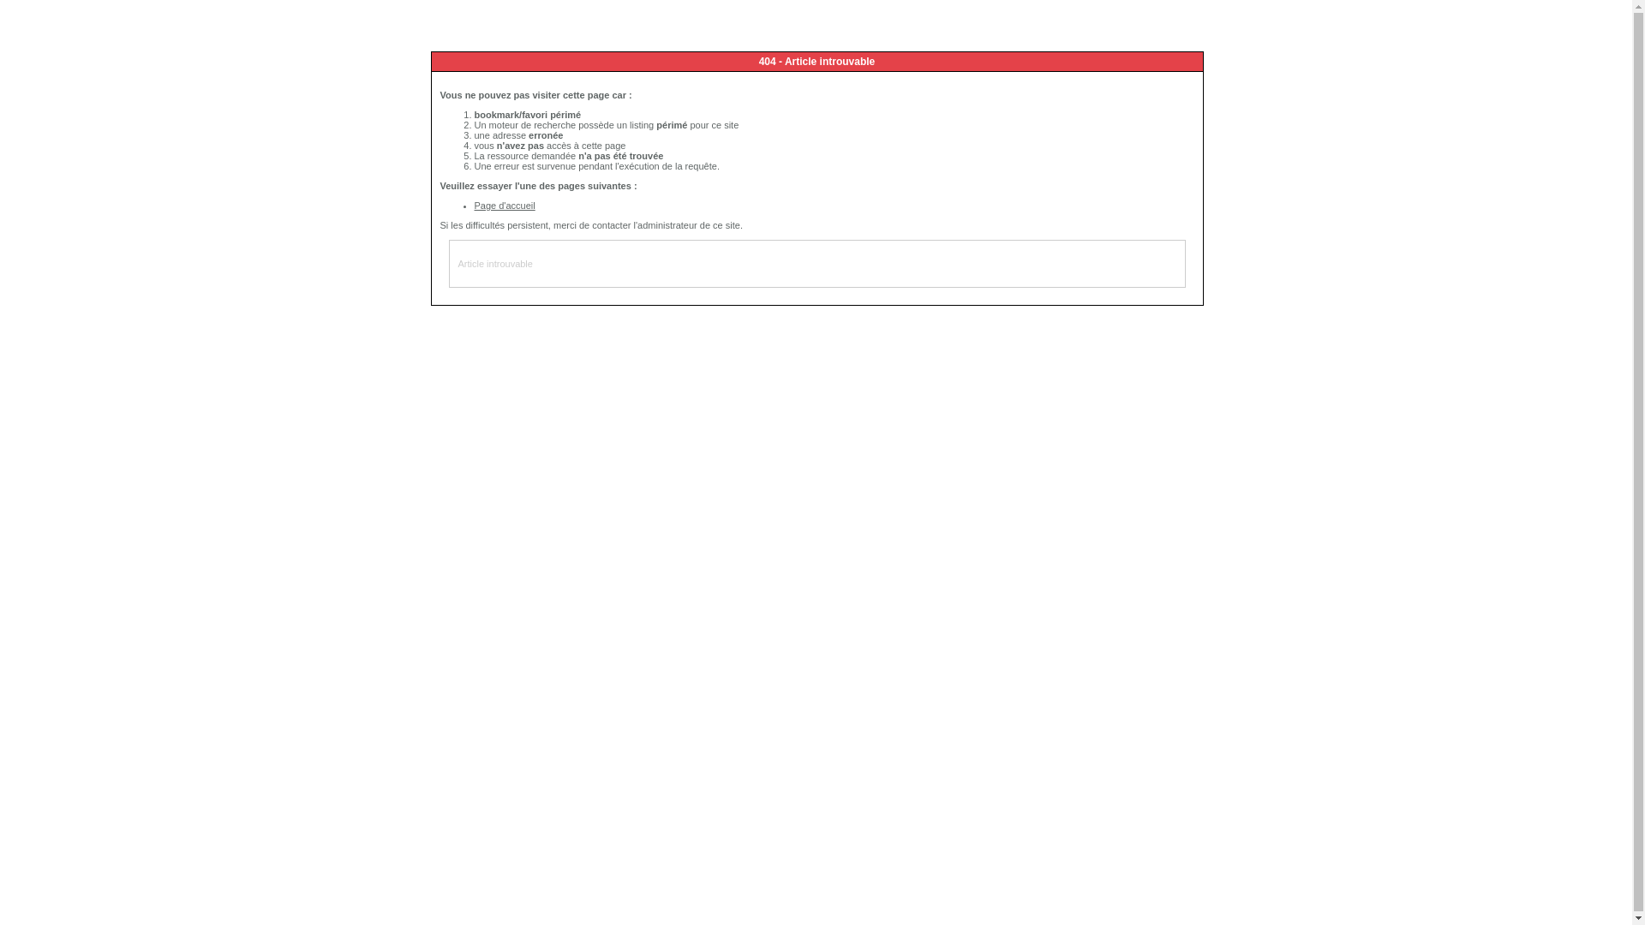  Describe the element at coordinates (504, 204) in the screenshot. I see `'Page d'accueil'` at that location.